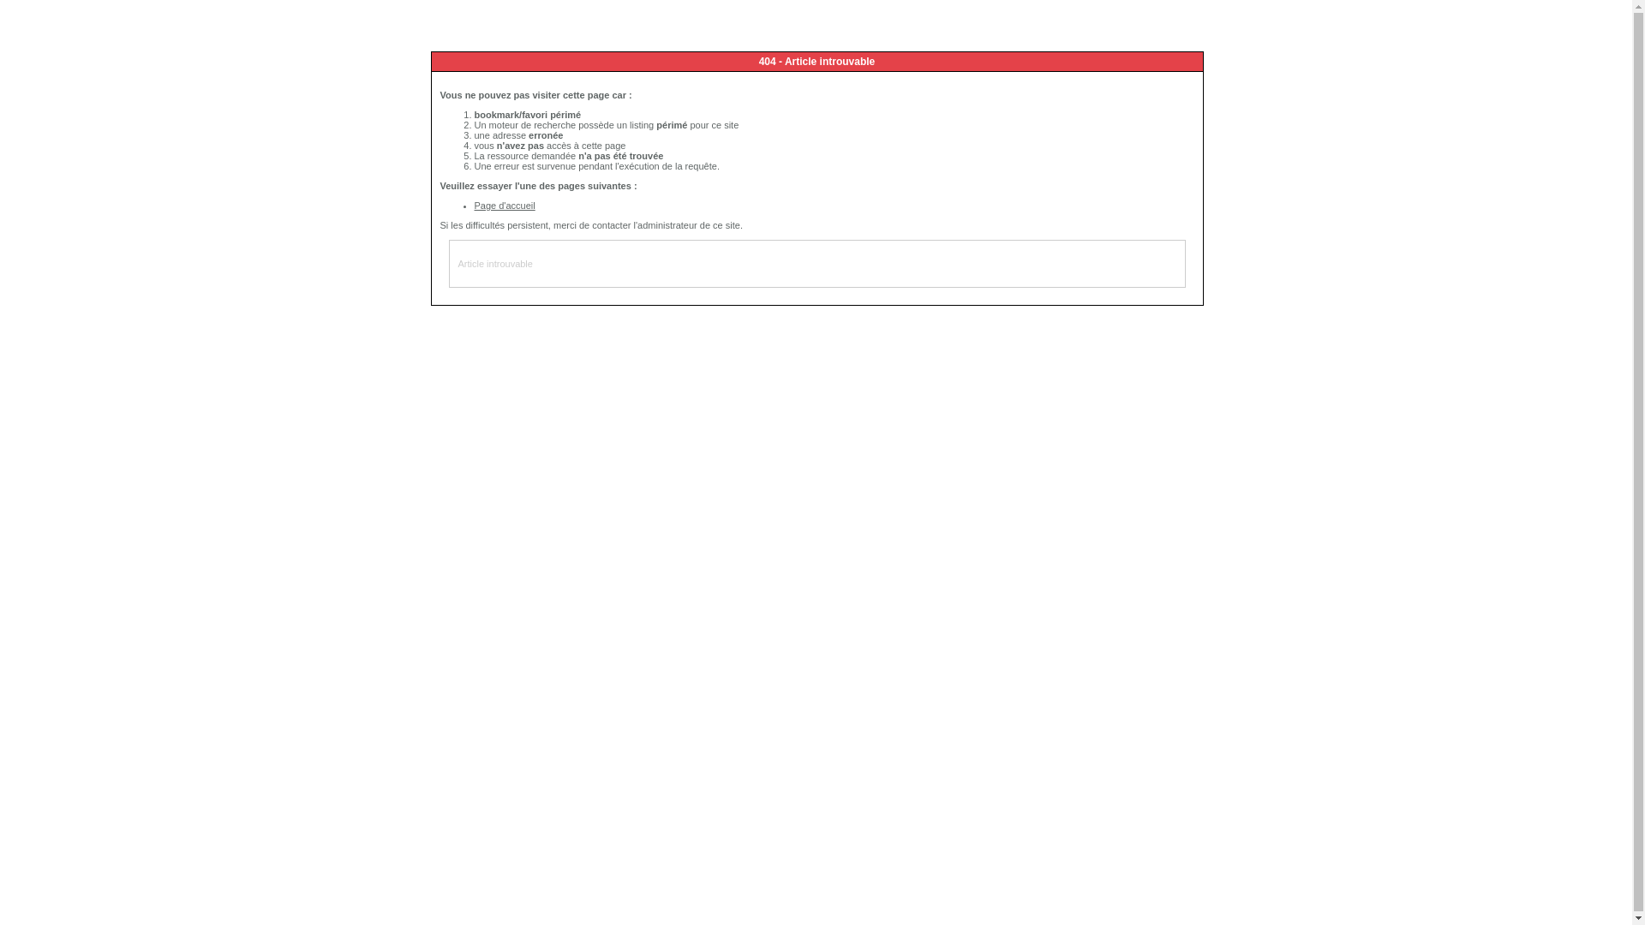  Describe the element at coordinates (504, 204) in the screenshot. I see `'Page d'accueil'` at that location.